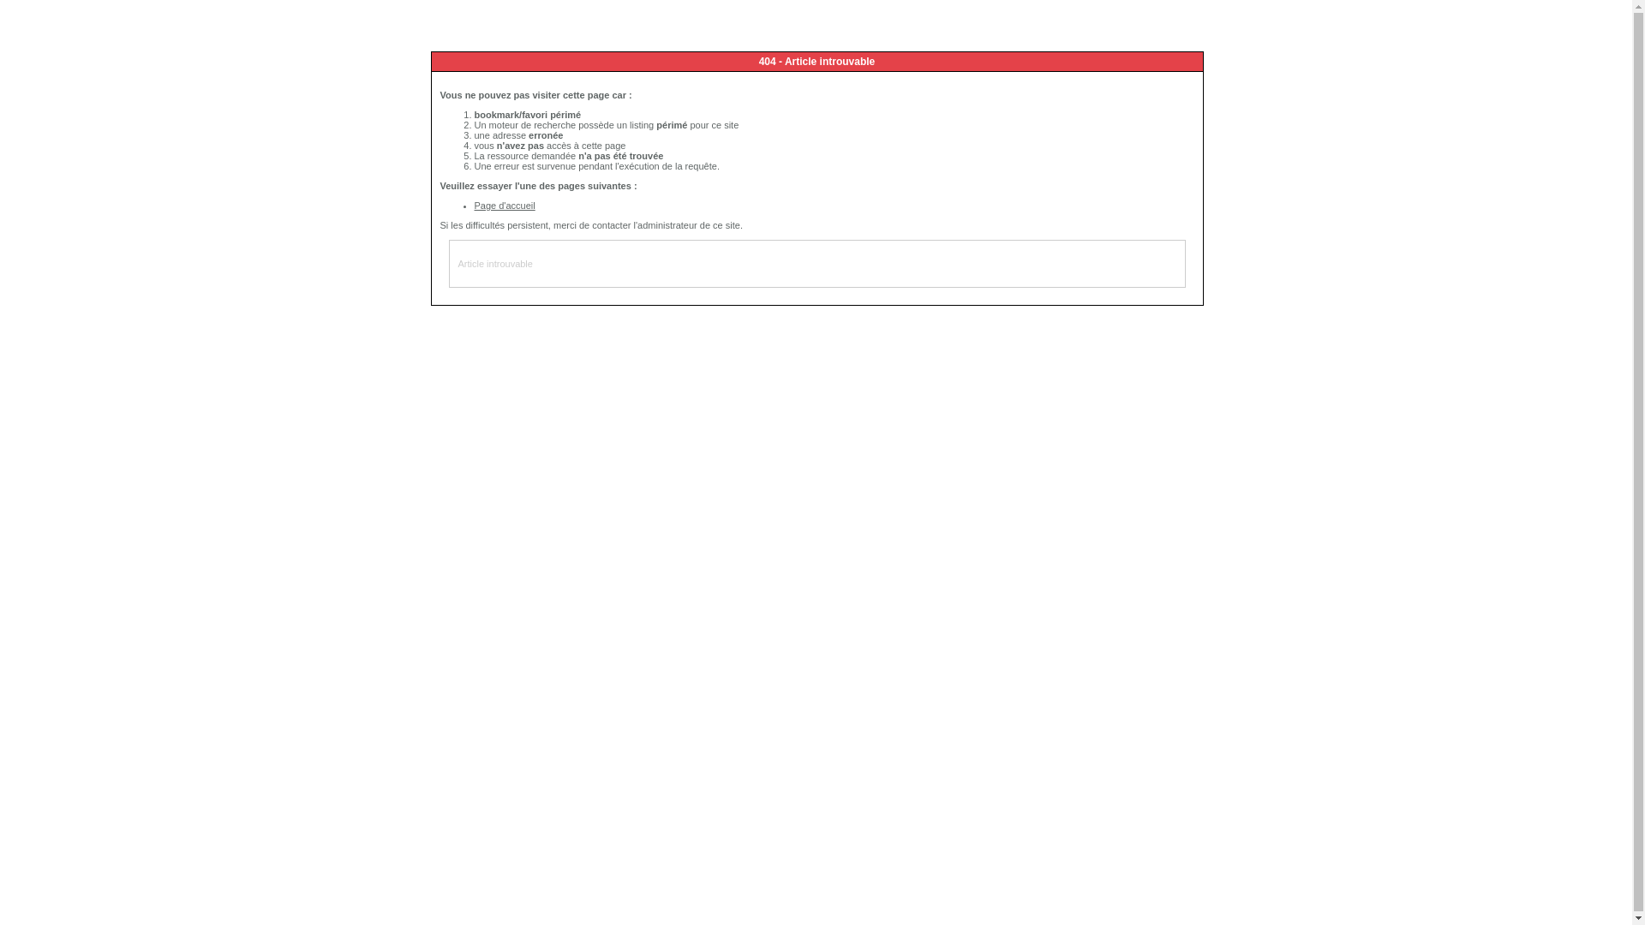  Describe the element at coordinates (504, 204) in the screenshot. I see `'Page d'accueil'` at that location.